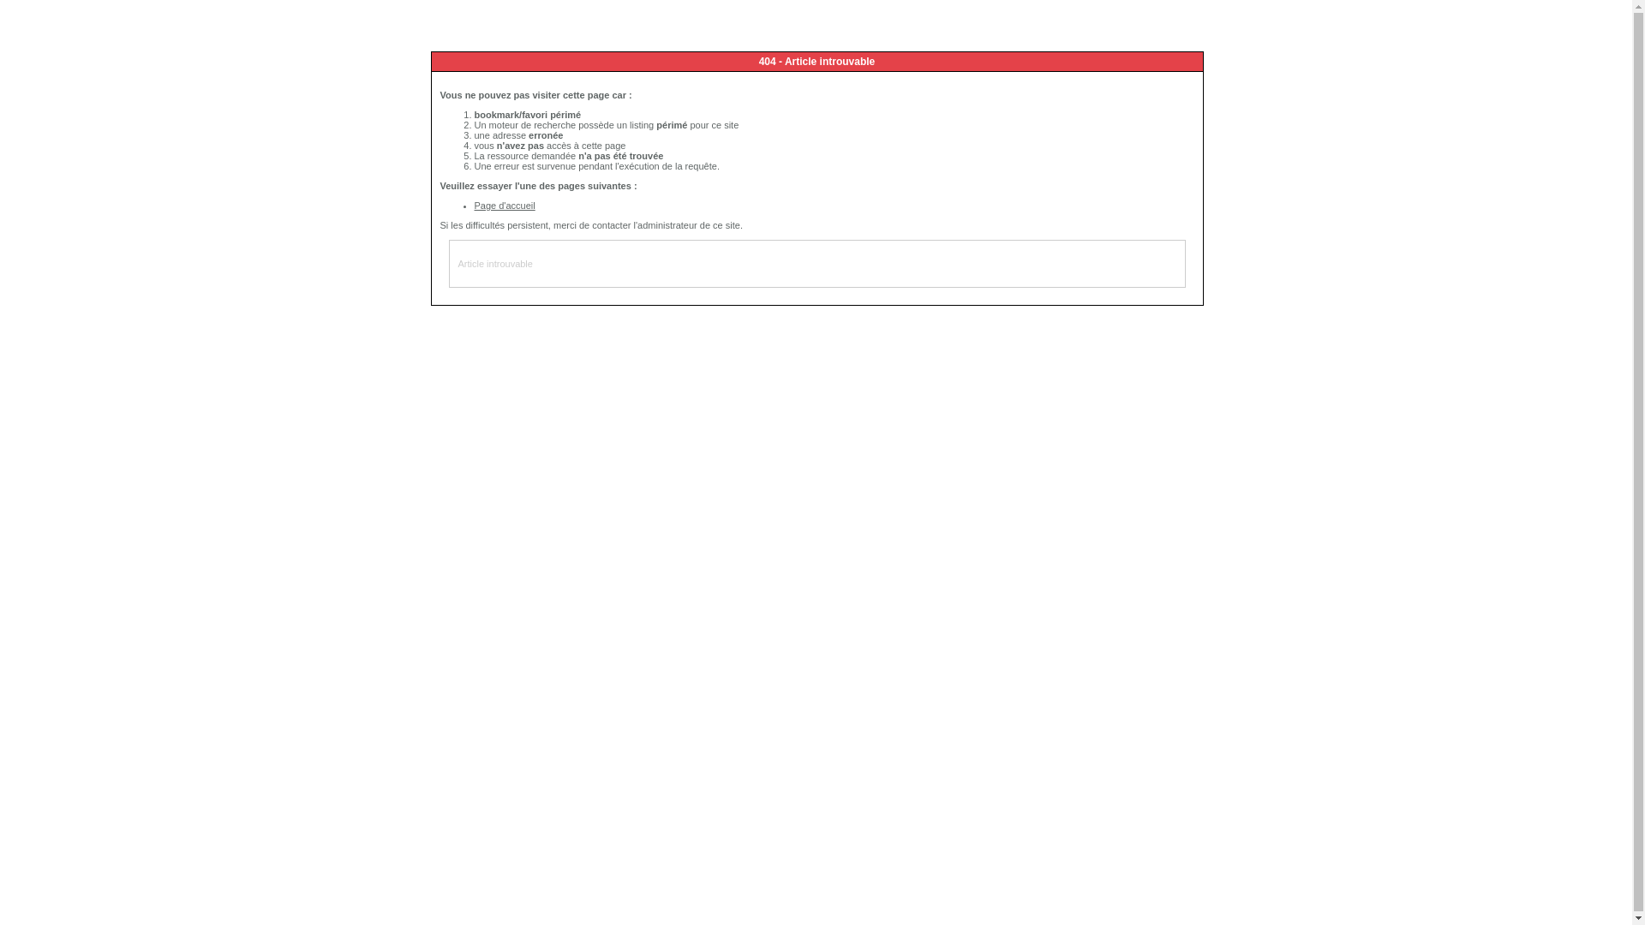  Describe the element at coordinates (504, 204) in the screenshot. I see `'Page d'accueil'` at that location.